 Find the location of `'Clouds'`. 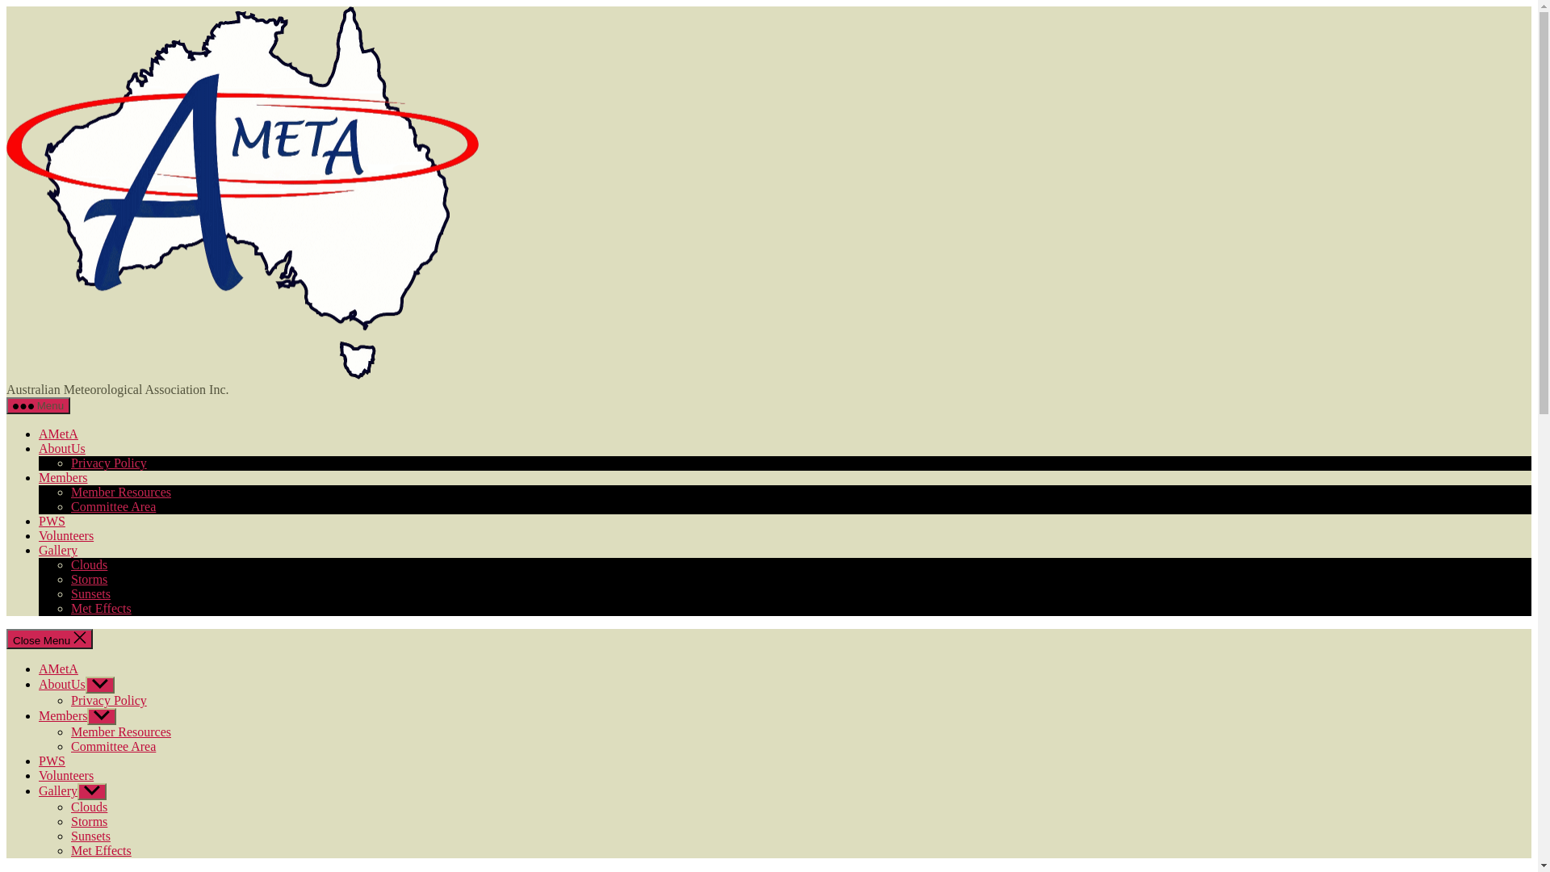

'Clouds' is located at coordinates (88, 807).